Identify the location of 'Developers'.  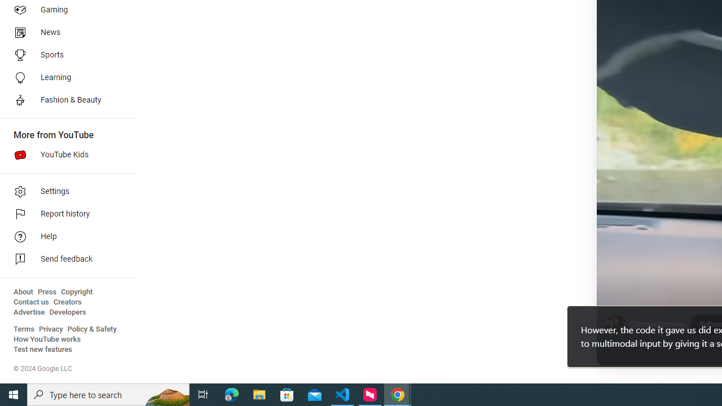
(67, 312).